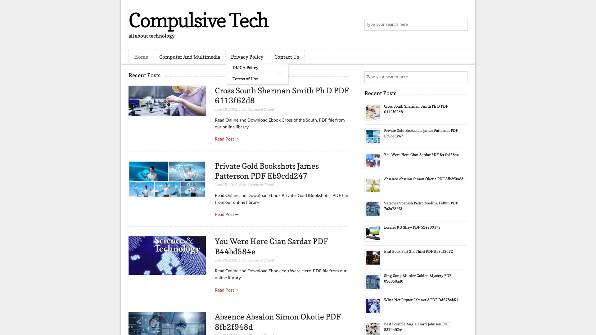 This screenshot has height=335, width=596. I want to click on Search, so click(461, 25).